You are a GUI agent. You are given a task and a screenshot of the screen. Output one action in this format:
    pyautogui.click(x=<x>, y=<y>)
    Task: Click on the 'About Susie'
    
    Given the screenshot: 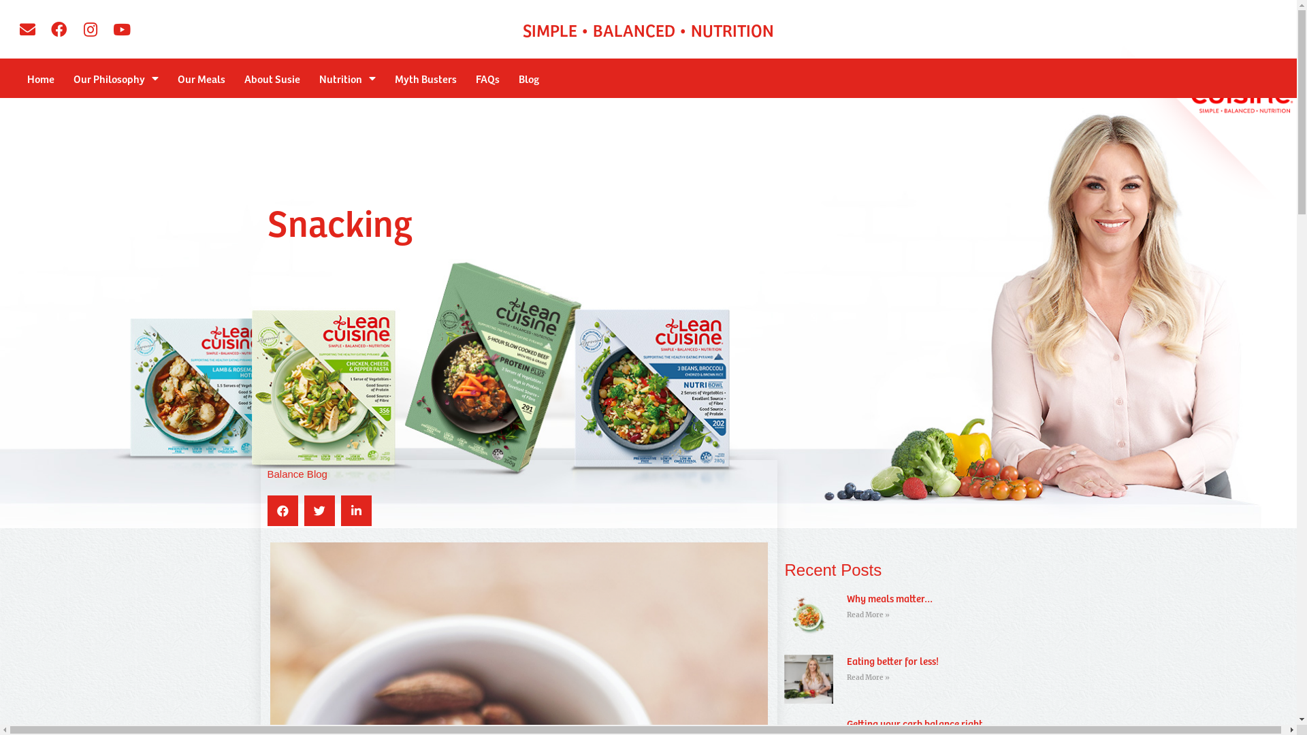 What is the action you would take?
    pyautogui.click(x=235, y=78)
    